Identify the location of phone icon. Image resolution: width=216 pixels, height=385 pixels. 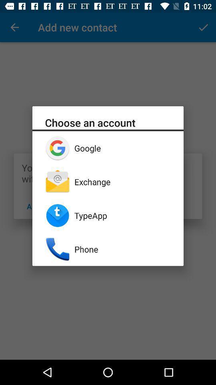
(122, 249).